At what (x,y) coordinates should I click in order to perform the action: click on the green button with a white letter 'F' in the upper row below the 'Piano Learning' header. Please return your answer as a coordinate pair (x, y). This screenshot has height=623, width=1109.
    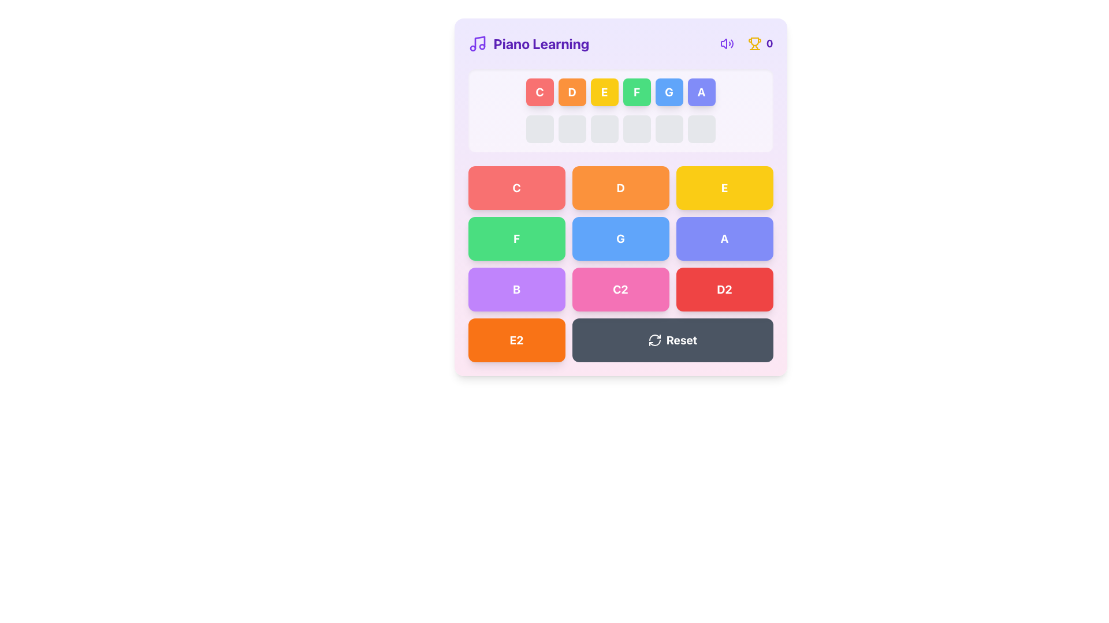
    Looking at the image, I should click on (636, 91).